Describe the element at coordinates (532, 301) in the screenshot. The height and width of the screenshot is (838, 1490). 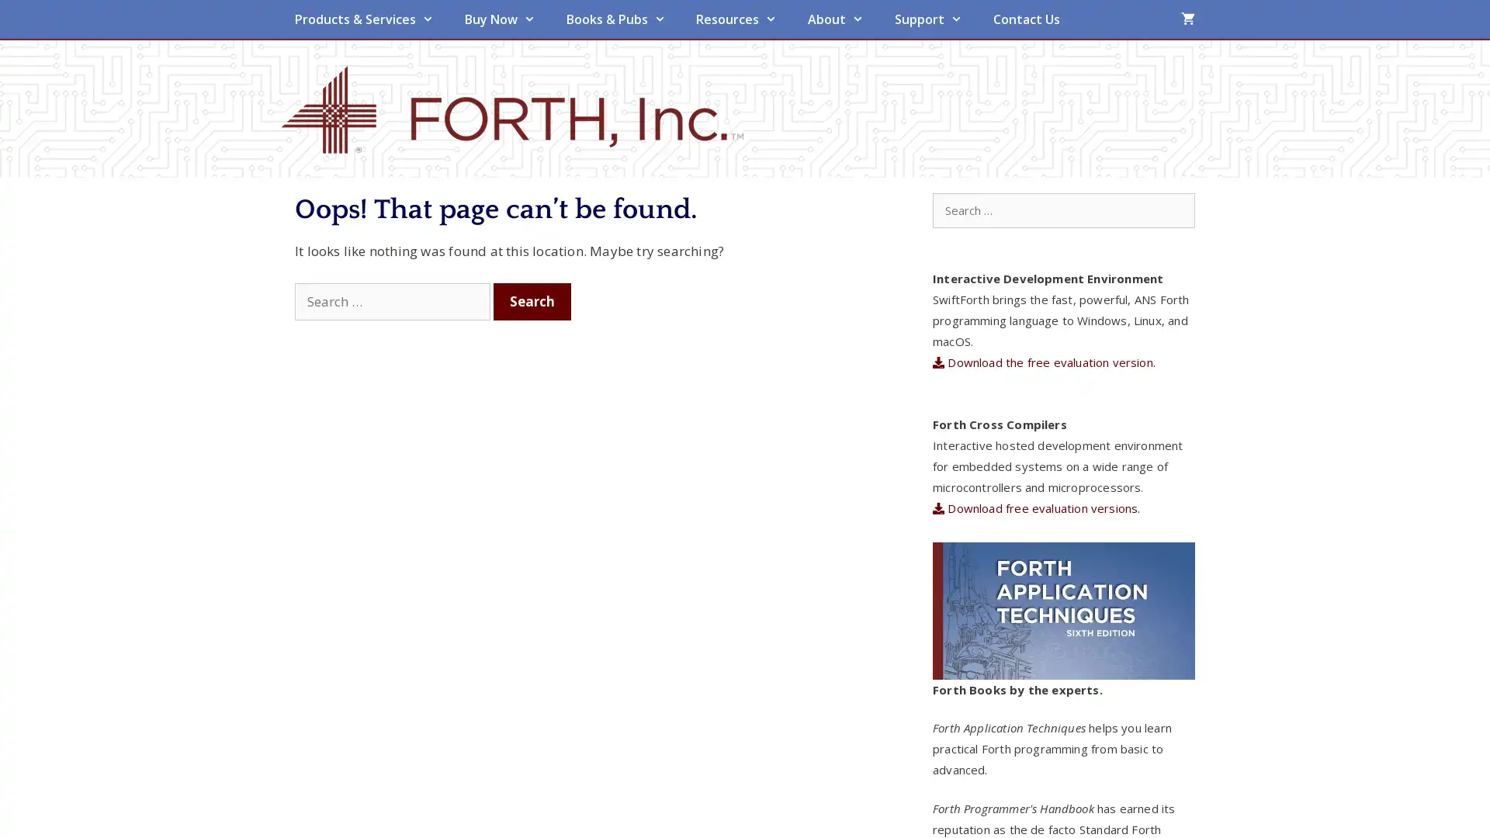
I see `Search` at that location.